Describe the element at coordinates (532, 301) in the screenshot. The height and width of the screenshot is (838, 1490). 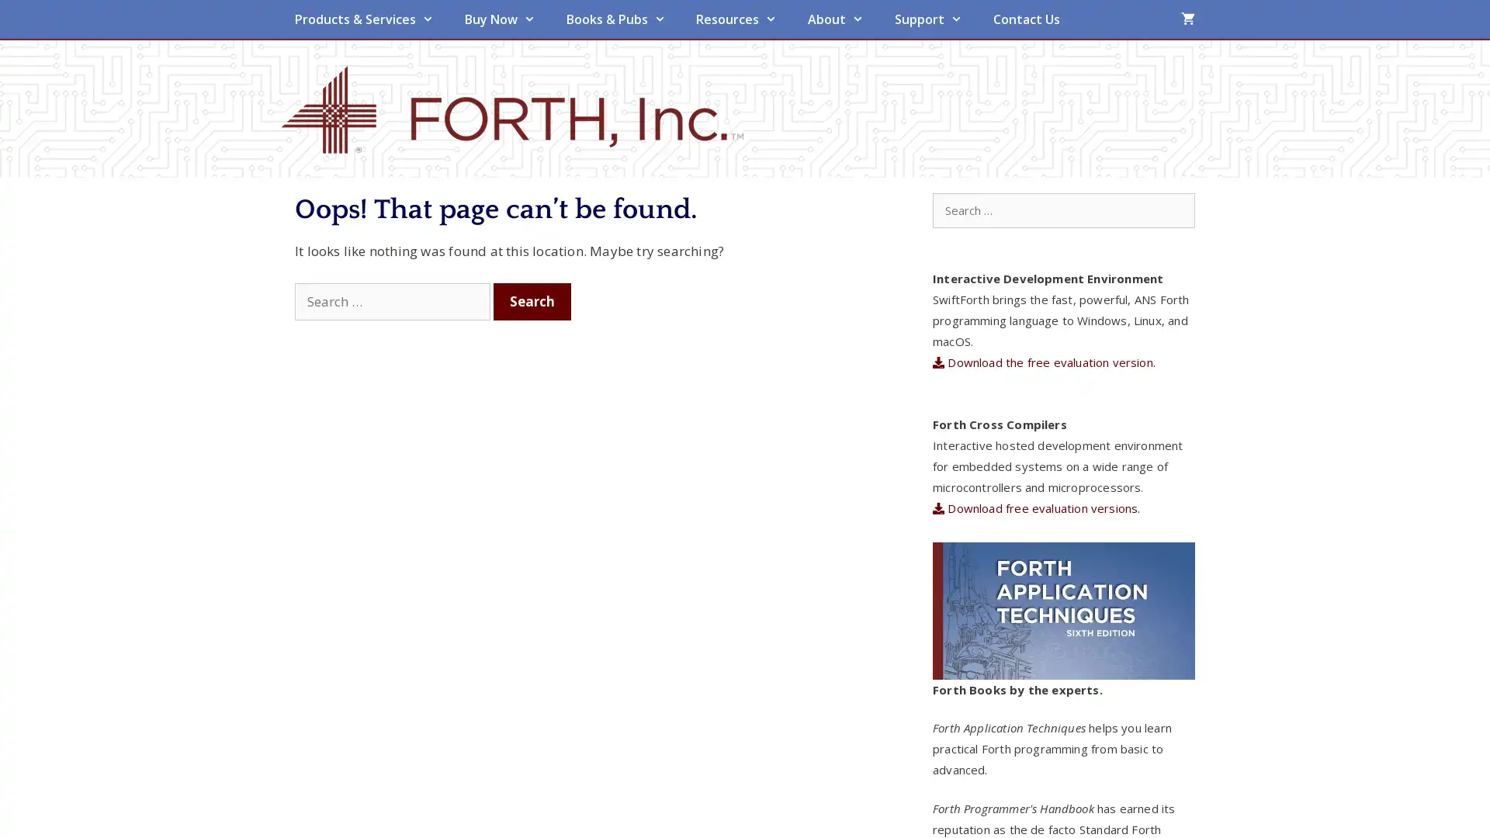
I see `Search` at that location.